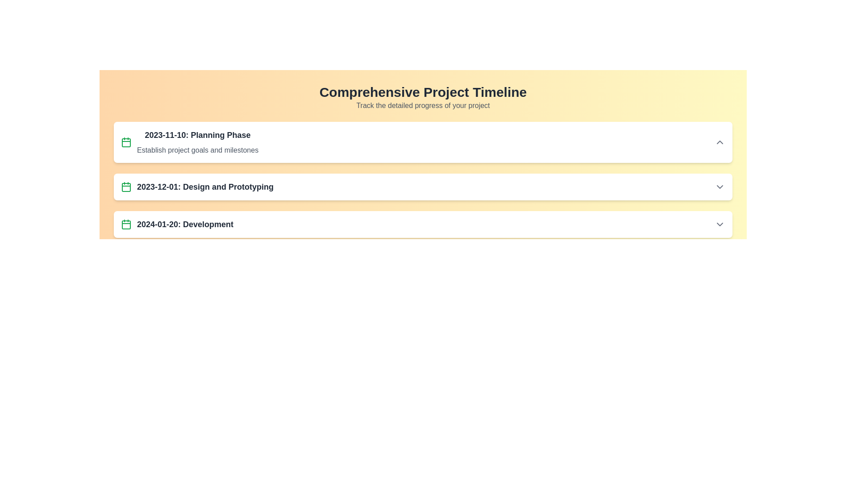 The height and width of the screenshot is (482, 857). I want to click on the text heading 'Comprehensive Project Timeline', which is prominently displayed in bold, dark gray font at the top of the interface, so click(423, 92).